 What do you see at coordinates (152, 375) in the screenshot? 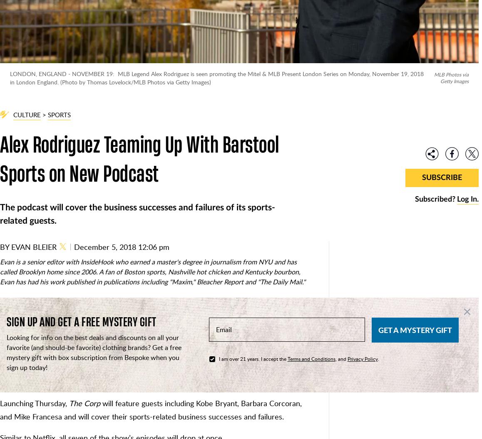
I see `'An odd match, A-Rod will host the podcast with Dan Katz, better known as “Big Cat,” co-host of Barstool’s flagship sports podcast'` at bounding box center [152, 375].